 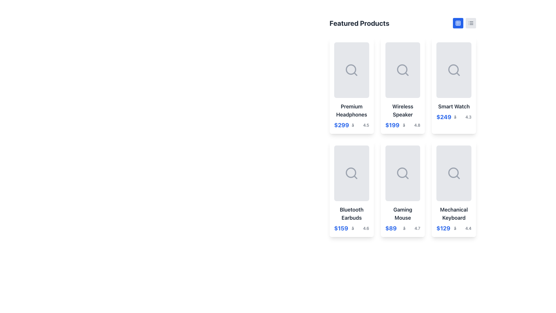 I want to click on price and rating details from the informational text located at the bottom-right corner of the 'Mechanical Keyboard' product card, which provides key information about the item, so click(x=453, y=228).